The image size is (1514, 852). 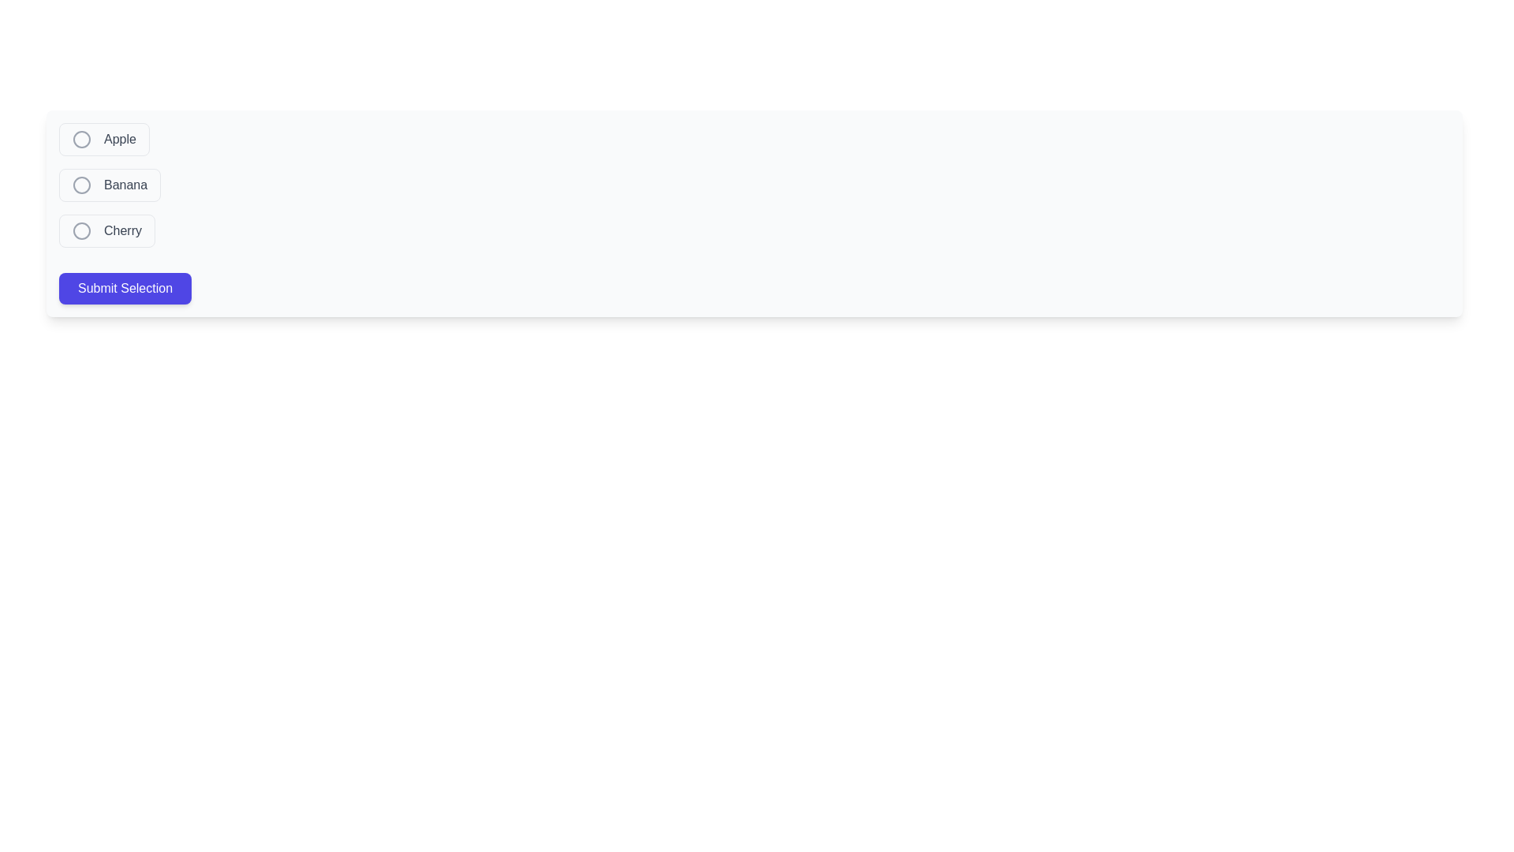 What do you see at coordinates (103, 139) in the screenshot?
I see `the 'Apple' radio button to focus on it, which is a rounded button-like component with the text 'Apple' next to a circular icon` at bounding box center [103, 139].